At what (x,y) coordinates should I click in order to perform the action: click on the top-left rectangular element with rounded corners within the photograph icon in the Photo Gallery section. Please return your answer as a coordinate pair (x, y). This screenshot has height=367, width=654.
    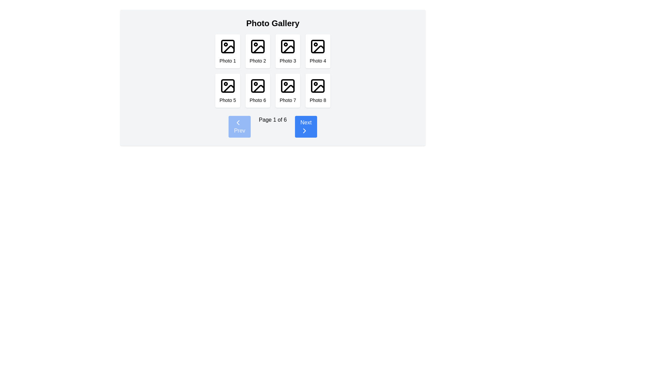
    Looking at the image, I should click on (228, 46).